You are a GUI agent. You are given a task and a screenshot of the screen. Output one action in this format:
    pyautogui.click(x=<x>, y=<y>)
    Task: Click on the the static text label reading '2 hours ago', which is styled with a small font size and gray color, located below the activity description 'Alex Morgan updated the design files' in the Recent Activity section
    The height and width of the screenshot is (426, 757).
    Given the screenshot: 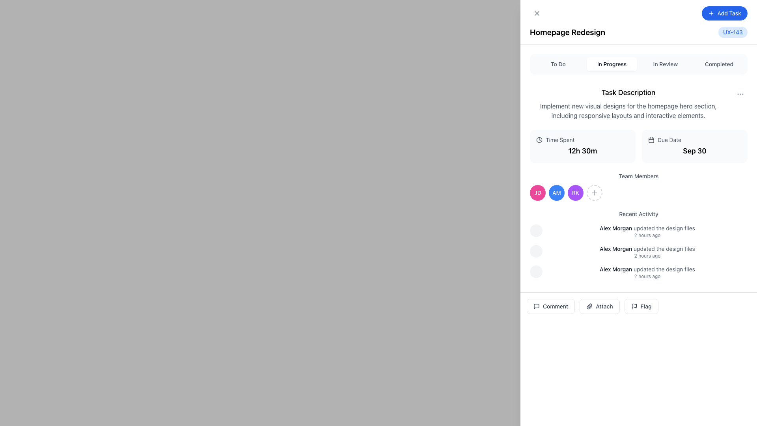 What is the action you would take?
    pyautogui.click(x=647, y=276)
    